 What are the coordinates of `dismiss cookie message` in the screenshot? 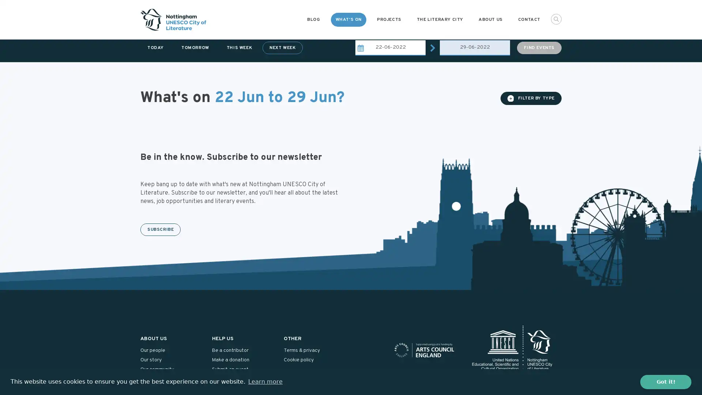 It's located at (665, 381).